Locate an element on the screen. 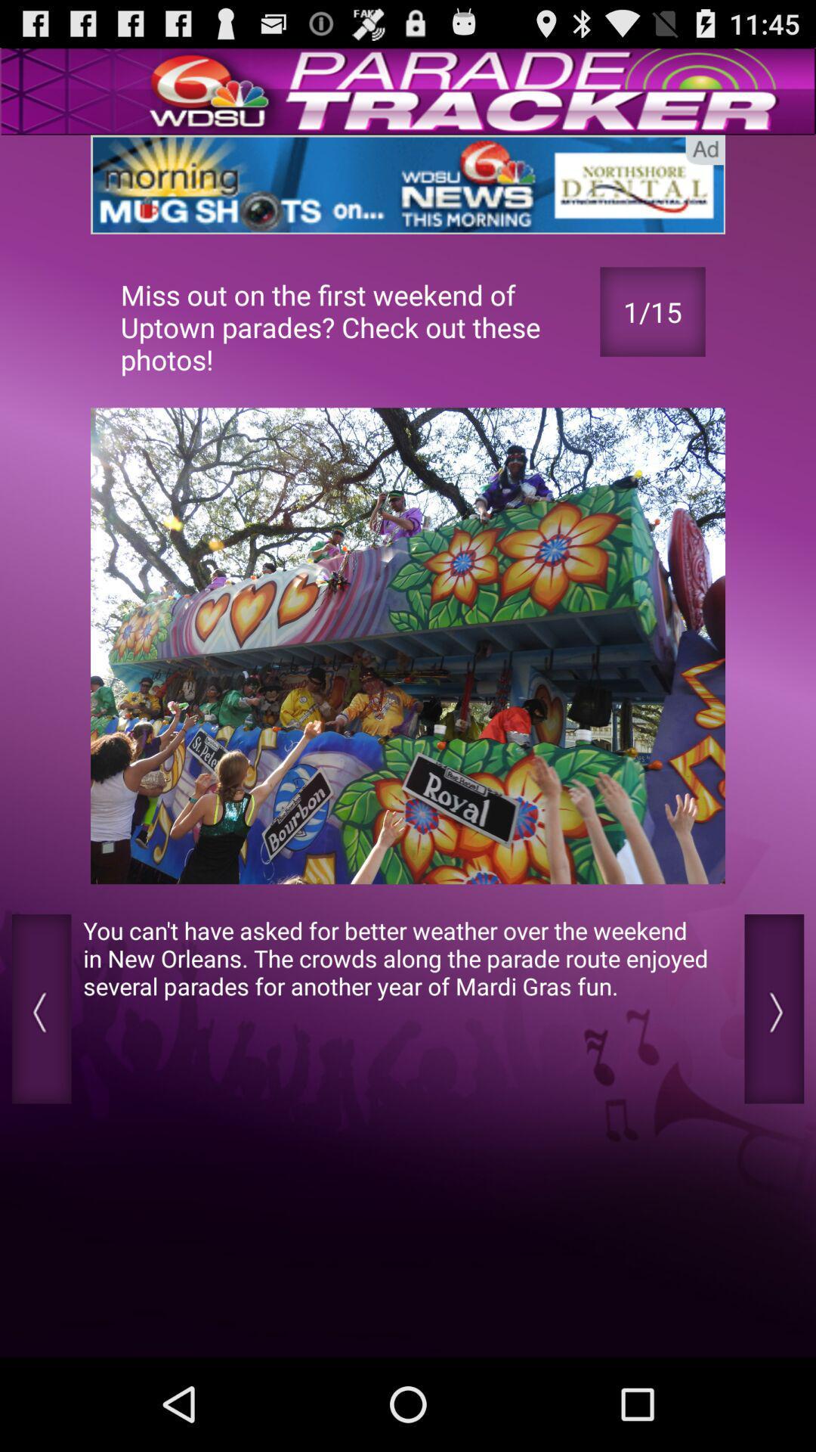 The width and height of the screenshot is (816, 1452). next option is located at coordinates (774, 1009).